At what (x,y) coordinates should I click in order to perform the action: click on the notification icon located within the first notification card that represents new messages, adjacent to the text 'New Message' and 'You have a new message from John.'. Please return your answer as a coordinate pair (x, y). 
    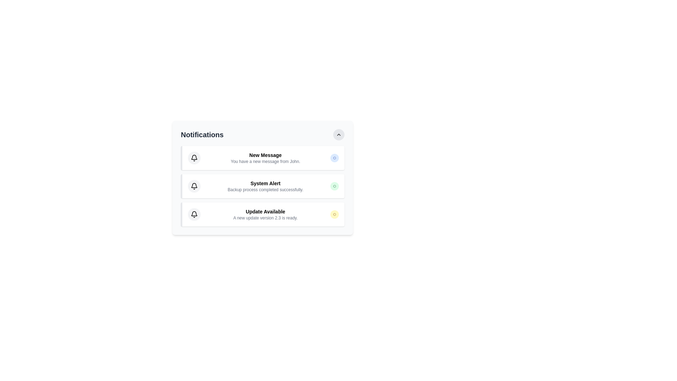
    Looking at the image, I should click on (194, 157).